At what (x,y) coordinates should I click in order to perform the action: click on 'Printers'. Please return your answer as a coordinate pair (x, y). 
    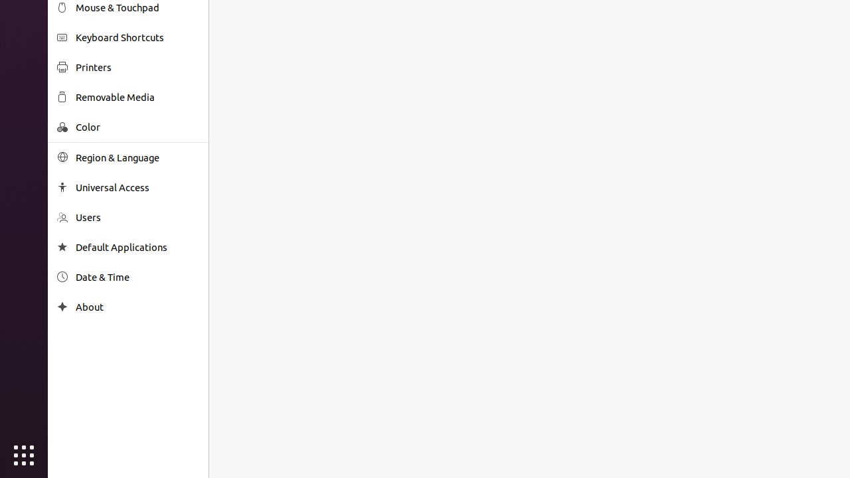
    Looking at the image, I should click on (137, 67).